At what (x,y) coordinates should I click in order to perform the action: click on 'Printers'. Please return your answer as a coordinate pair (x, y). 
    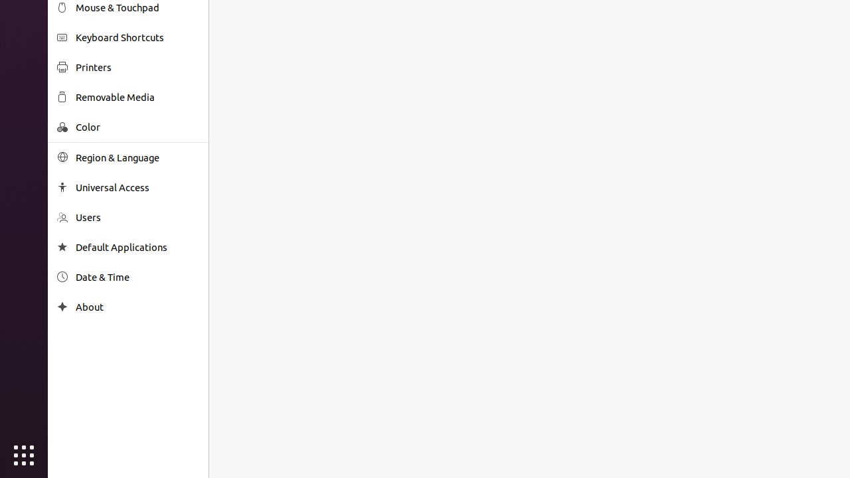
    Looking at the image, I should click on (137, 67).